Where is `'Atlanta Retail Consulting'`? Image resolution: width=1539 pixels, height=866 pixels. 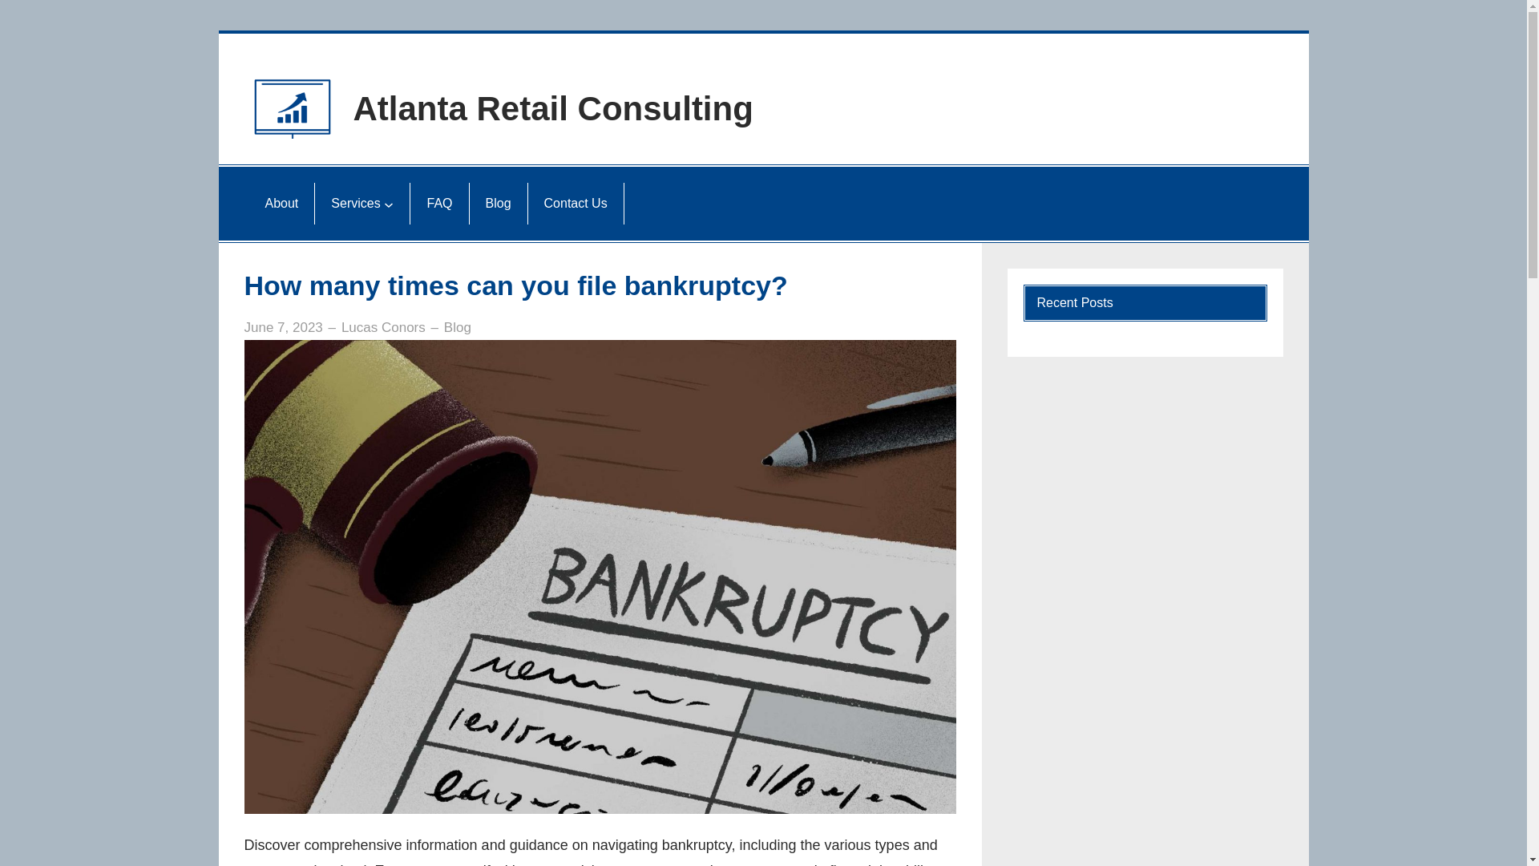
'Atlanta Retail Consulting' is located at coordinates (552, 108).